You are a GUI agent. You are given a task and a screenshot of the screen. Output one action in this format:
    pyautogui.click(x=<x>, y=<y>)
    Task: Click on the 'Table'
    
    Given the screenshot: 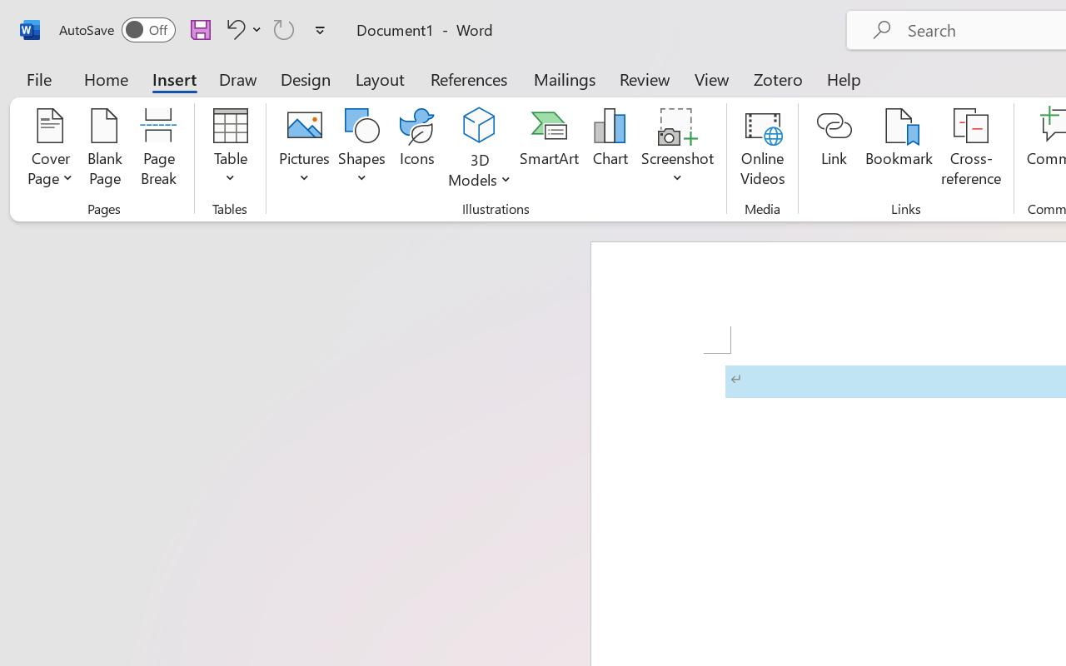 What is the action you would take?
    pyautogui.click(x=230, y=149)
    